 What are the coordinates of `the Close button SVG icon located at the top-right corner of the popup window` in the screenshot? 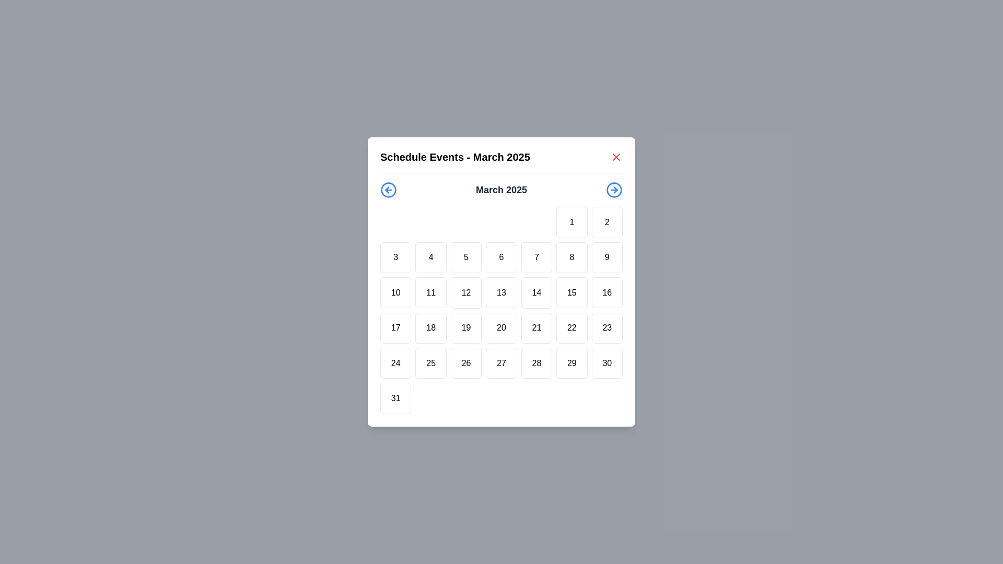 It's located at (616, 157).